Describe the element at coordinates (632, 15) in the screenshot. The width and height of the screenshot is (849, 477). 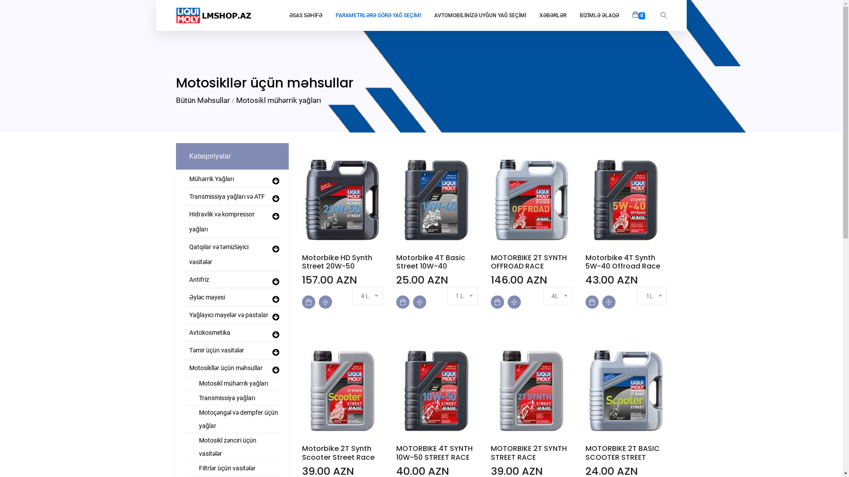
I see `'0'` at that location.